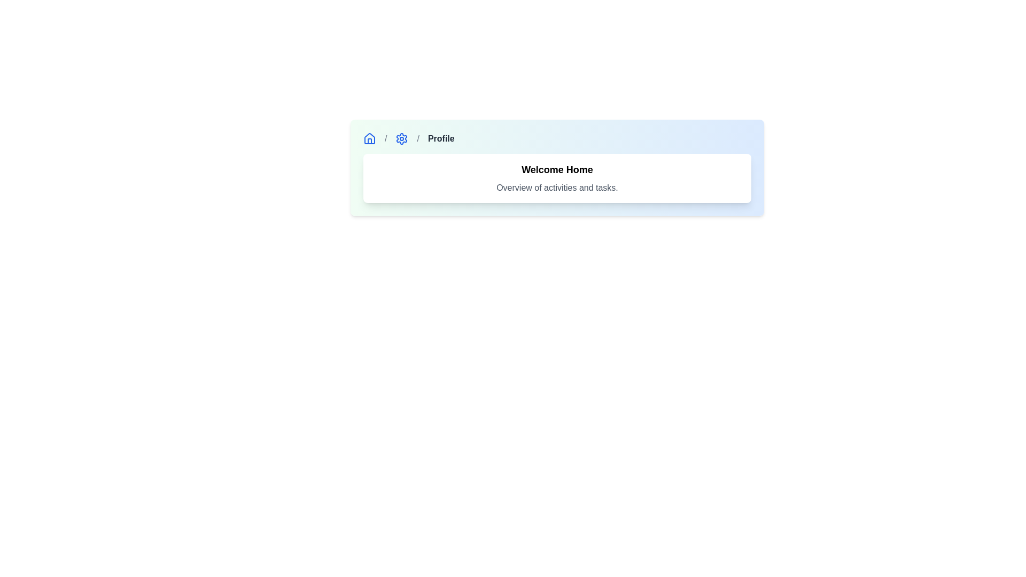 This screenshot has height=577, width=1026. What do you see at coordinates (401, 138) in the screenshot?
I see `the blue gear-like icon in the breadcrumb navigation bar` at bounding box center [401, 138].